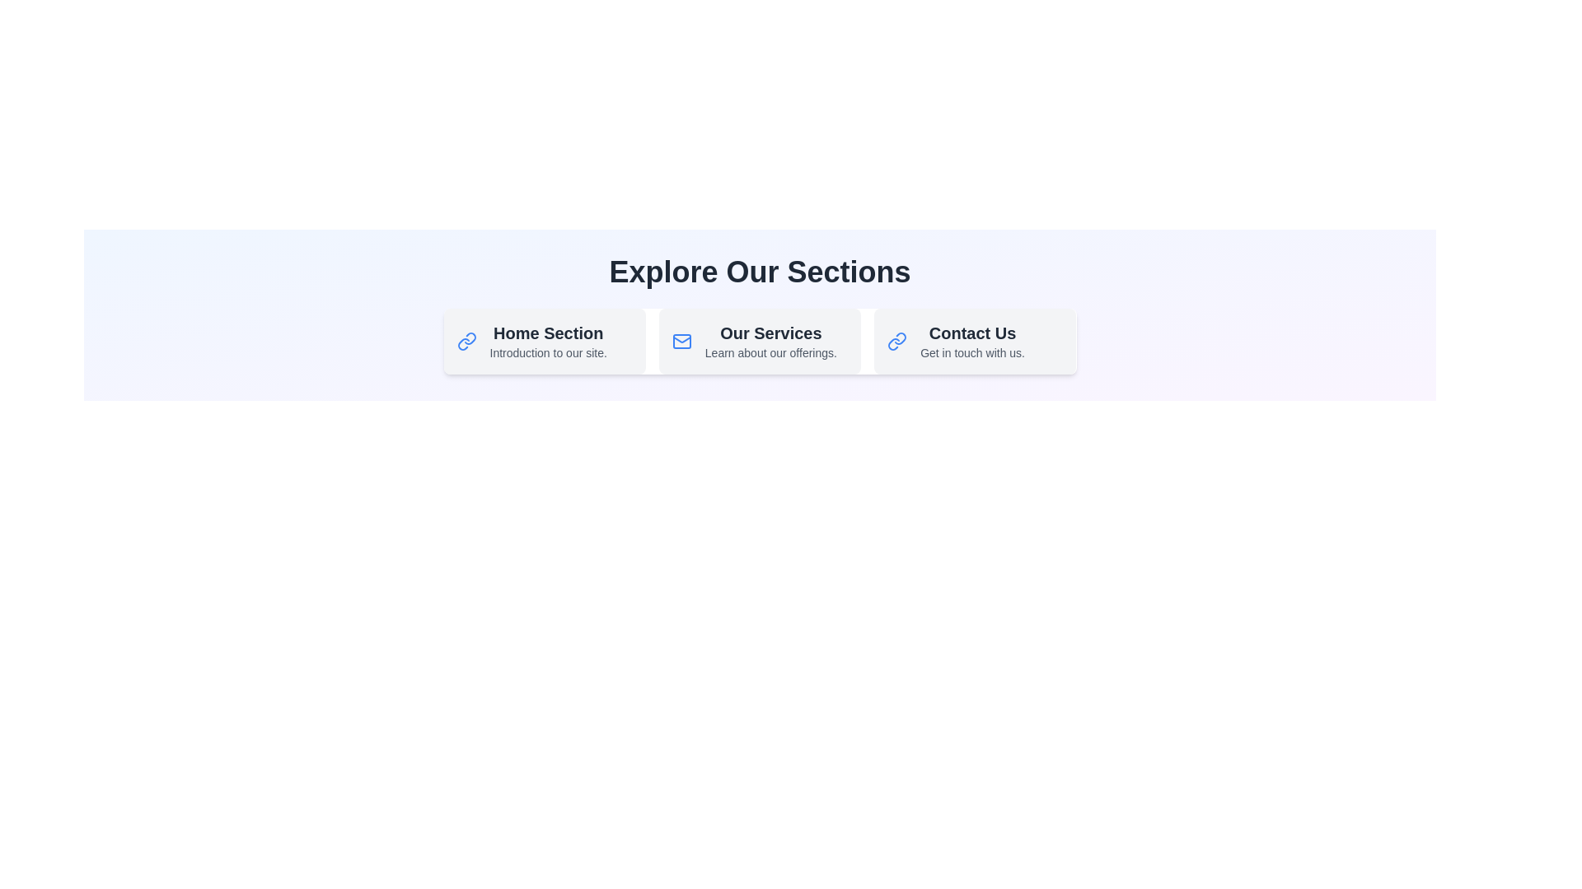  What do you see at coordinates (548, 351) in the screenshot?
I see `the text label that reads 'Introduction to our site.' located directly under the bold title 'Home Section' in the panel` at bounding box center [548, 351].